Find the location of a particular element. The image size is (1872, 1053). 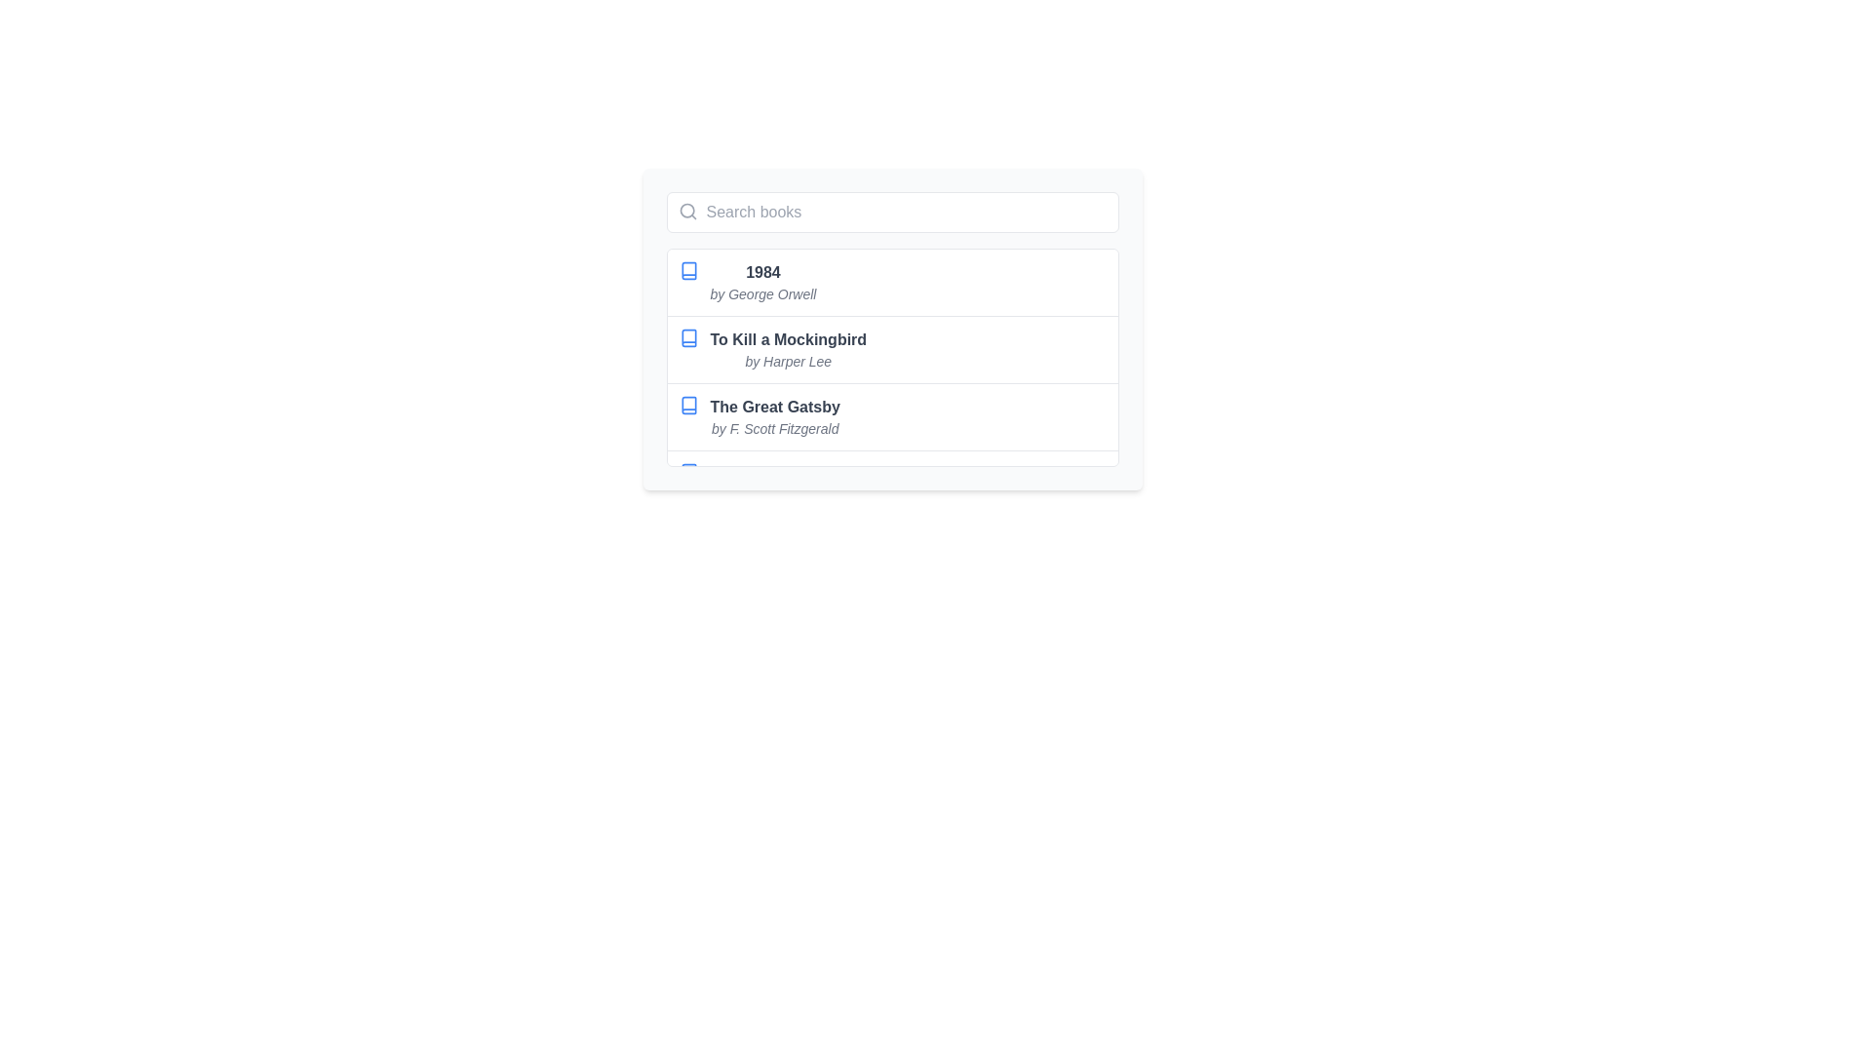

the text display component that shows the details of the first book in the list to trigger a tooltip or highlight is located at coordinates (761, 282).